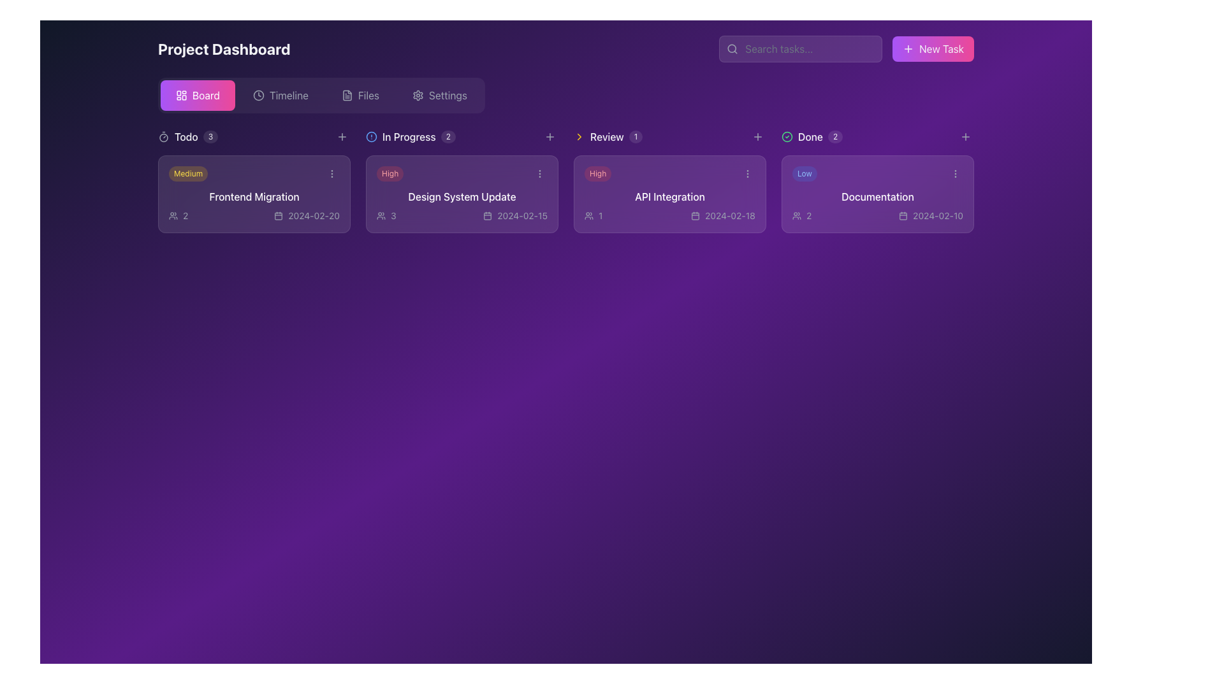 The image size is (1224, 688). What do you see at coordinates (938, 215) in the screenshot?
I see `the date displayed on the Text label in the bottom right corner of the 'Documentation' card` at bounding box center [938, 215].